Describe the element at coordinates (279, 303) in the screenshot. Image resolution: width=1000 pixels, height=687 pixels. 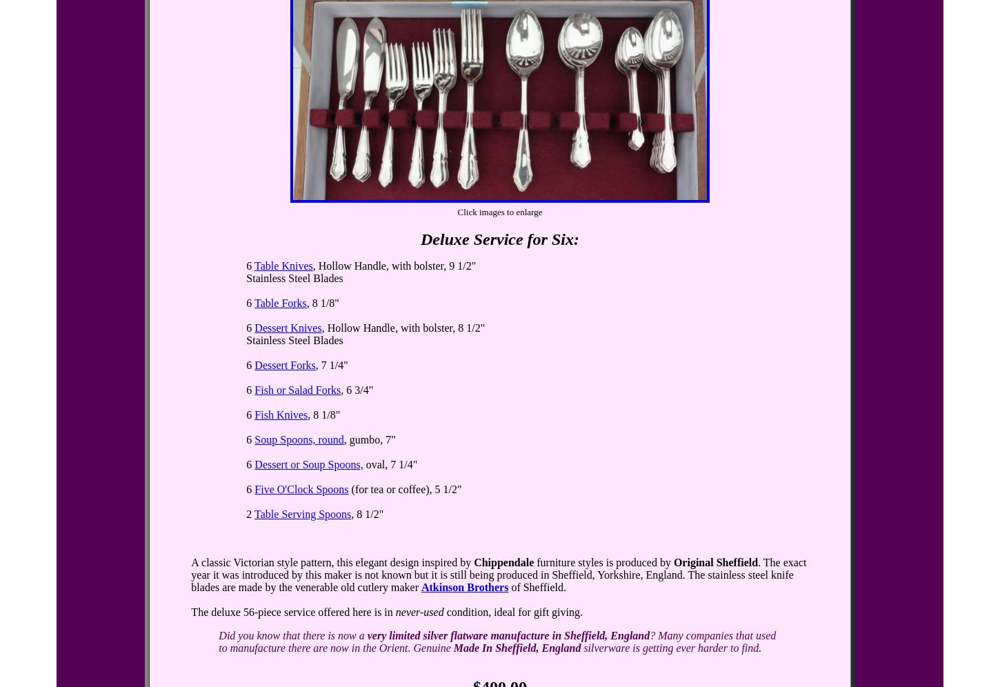
I see `'Table Forks'` at that location.